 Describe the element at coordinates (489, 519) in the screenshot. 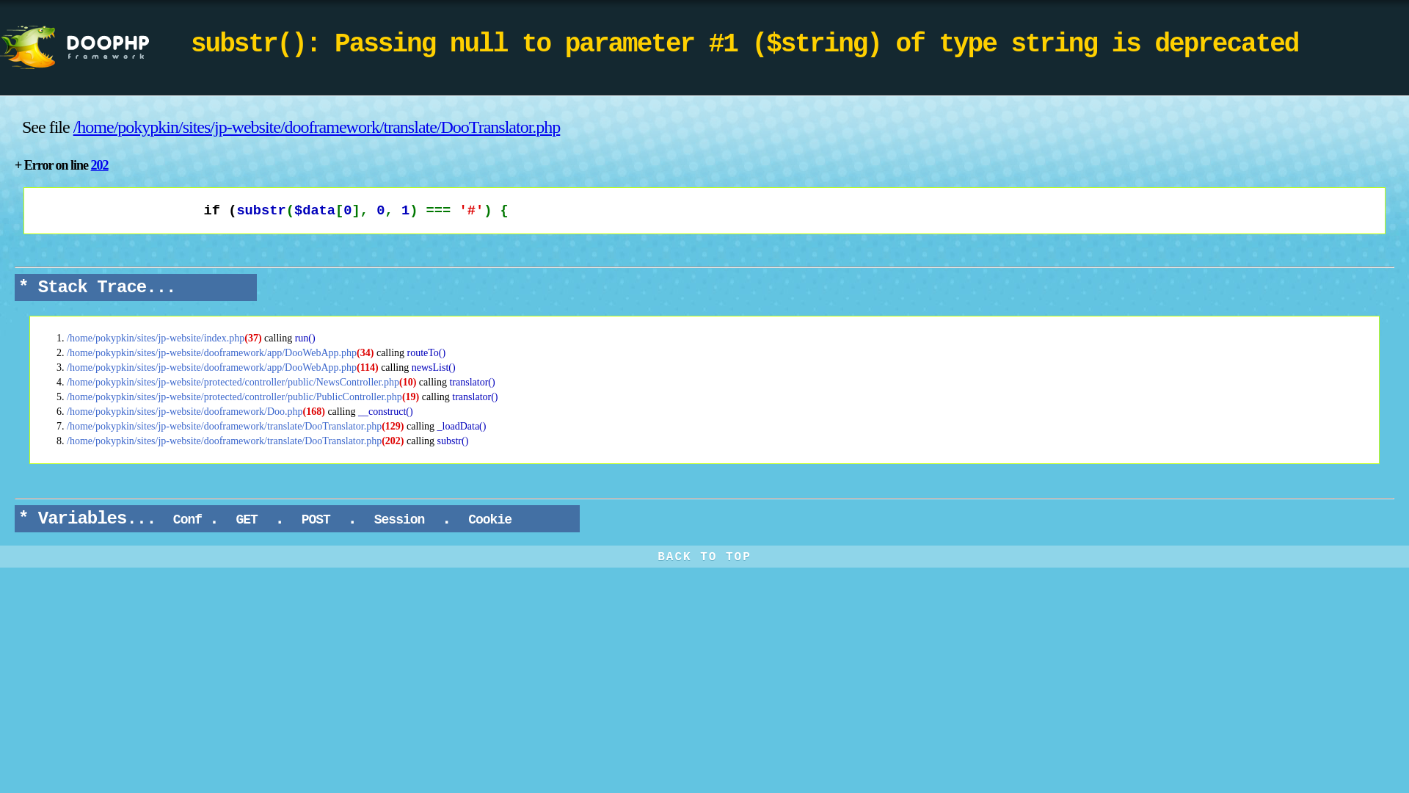

I see `' Cookie '` at that location.